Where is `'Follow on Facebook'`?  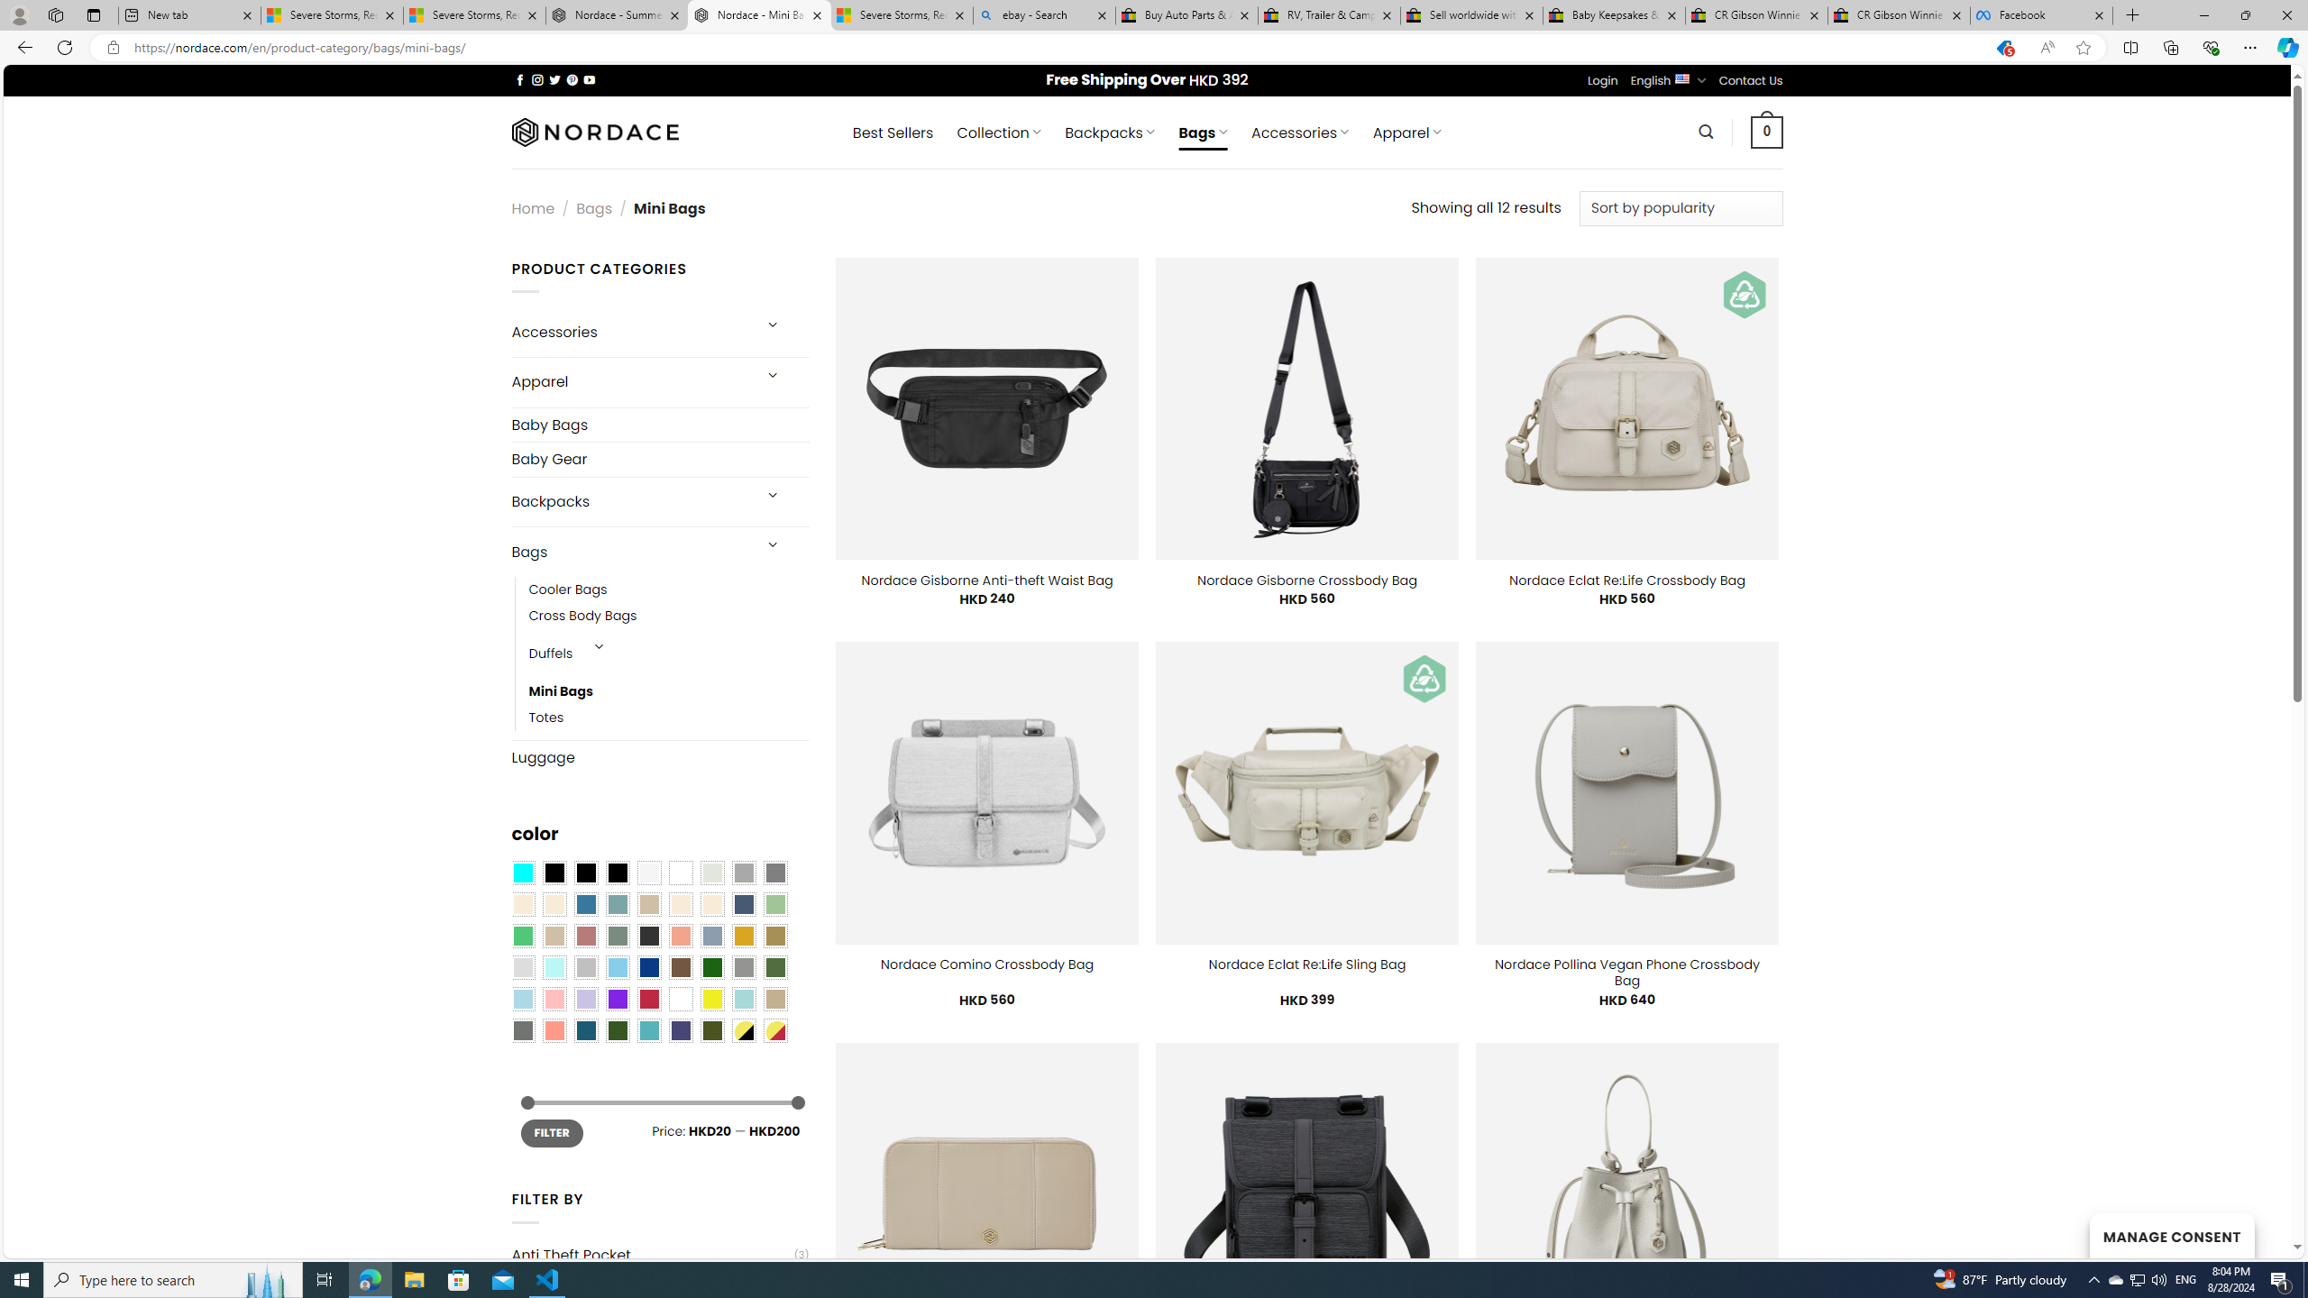 'Follow on Facebook' is located at coordinates (519, 79).